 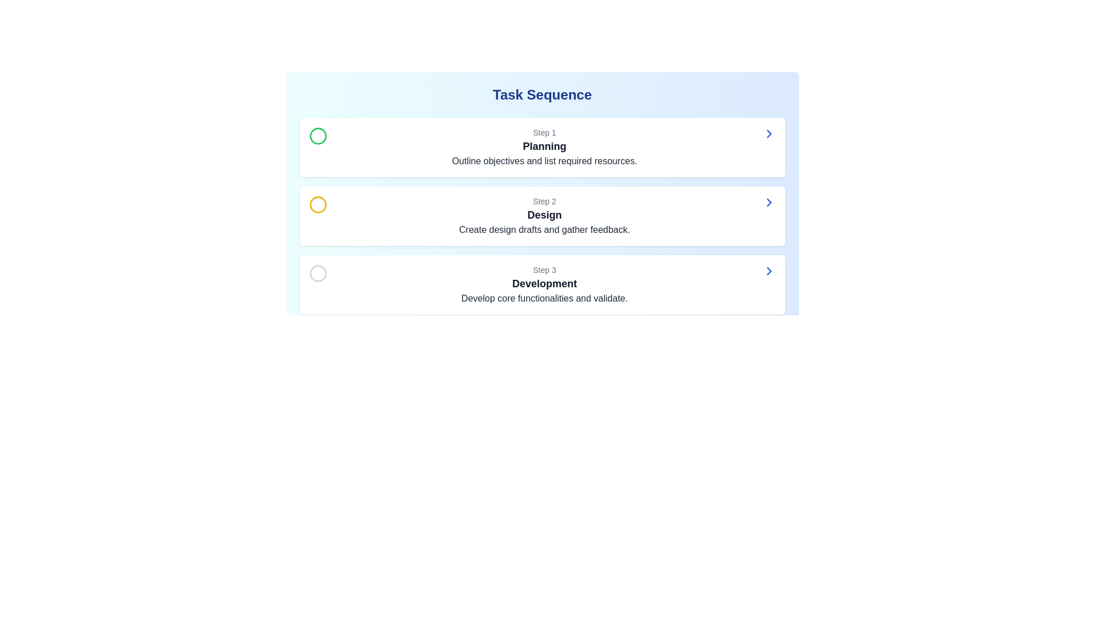 What do you see at coordinates (769, 133) in the screenshot?
I see `the navigation icon located at the far-right side of the 'Step 1 Planning Outline objectives and list required resources.' card` at bounding box center [769, 133].